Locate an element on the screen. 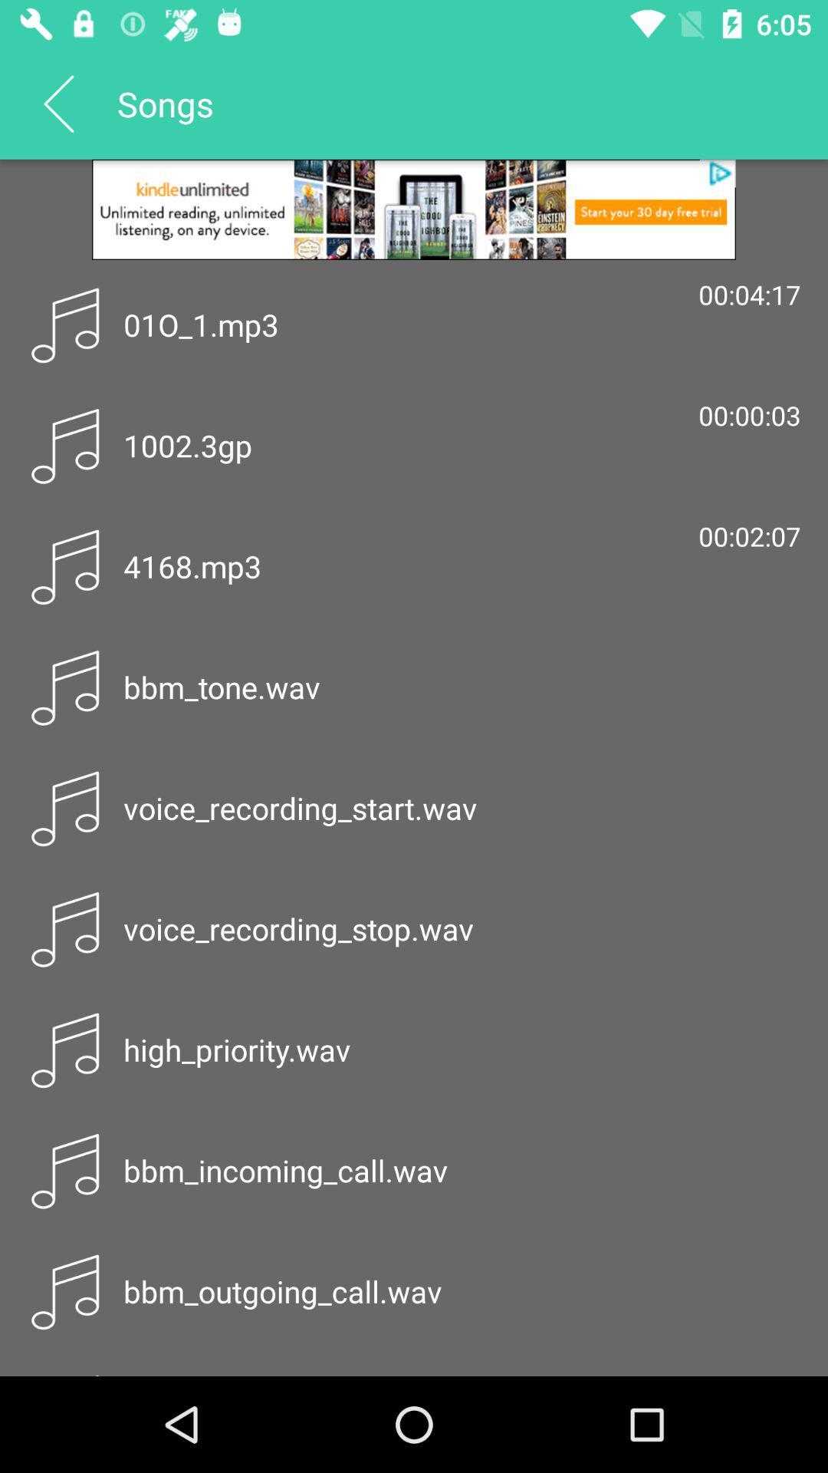 The image size is (828, 1473). advertisement page is located at coordinates (414, 209).